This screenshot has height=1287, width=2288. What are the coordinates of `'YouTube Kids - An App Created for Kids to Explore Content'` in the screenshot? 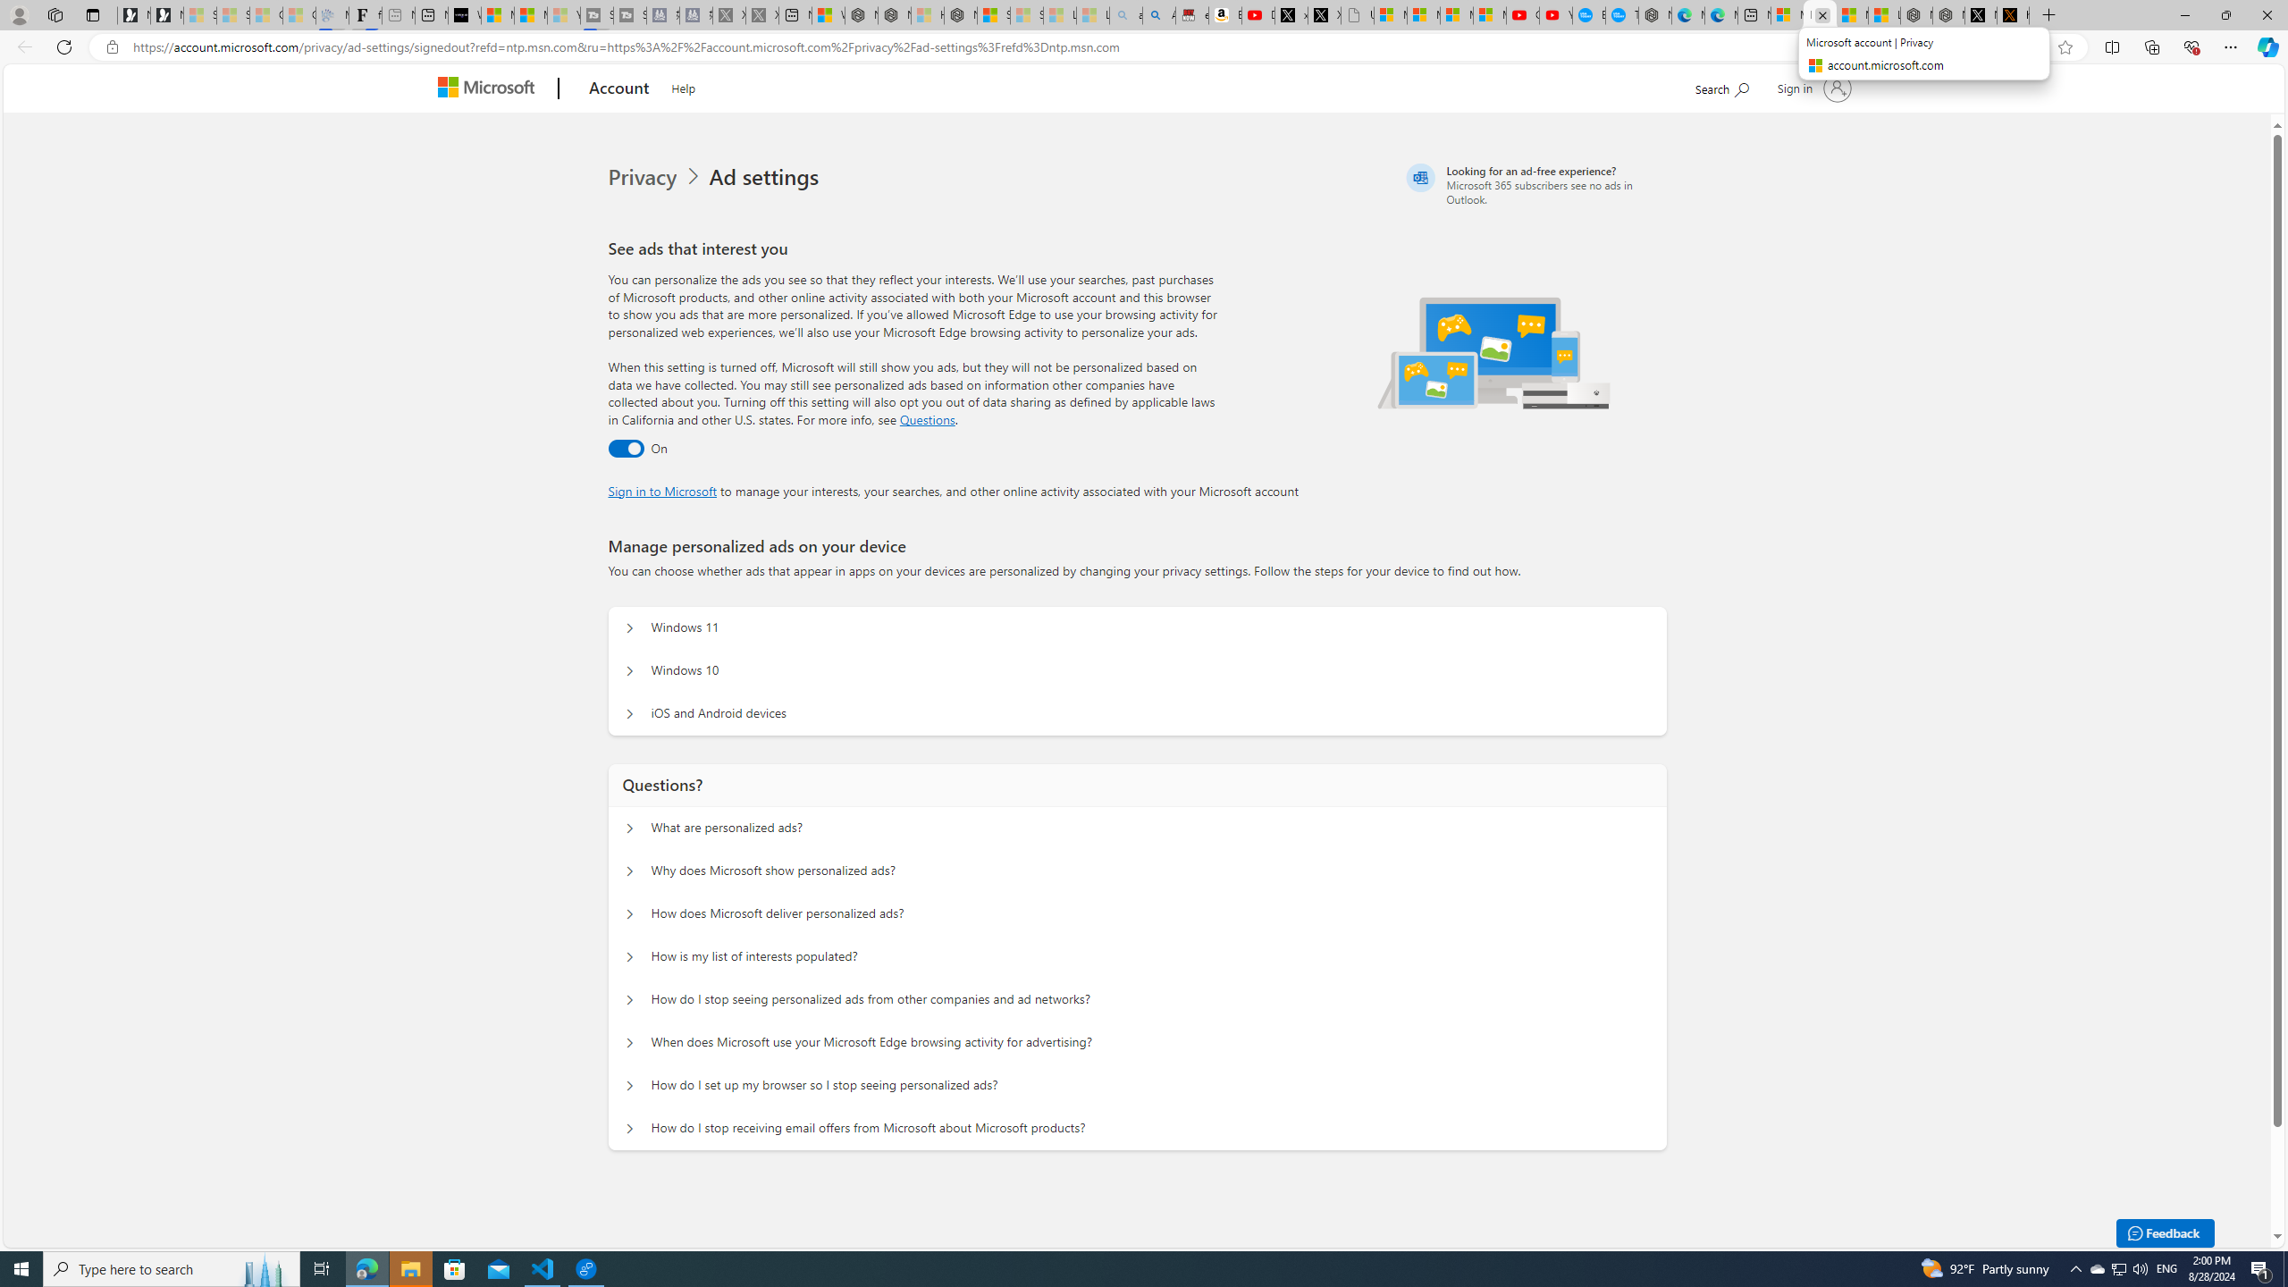 It's located at (1556, 14).